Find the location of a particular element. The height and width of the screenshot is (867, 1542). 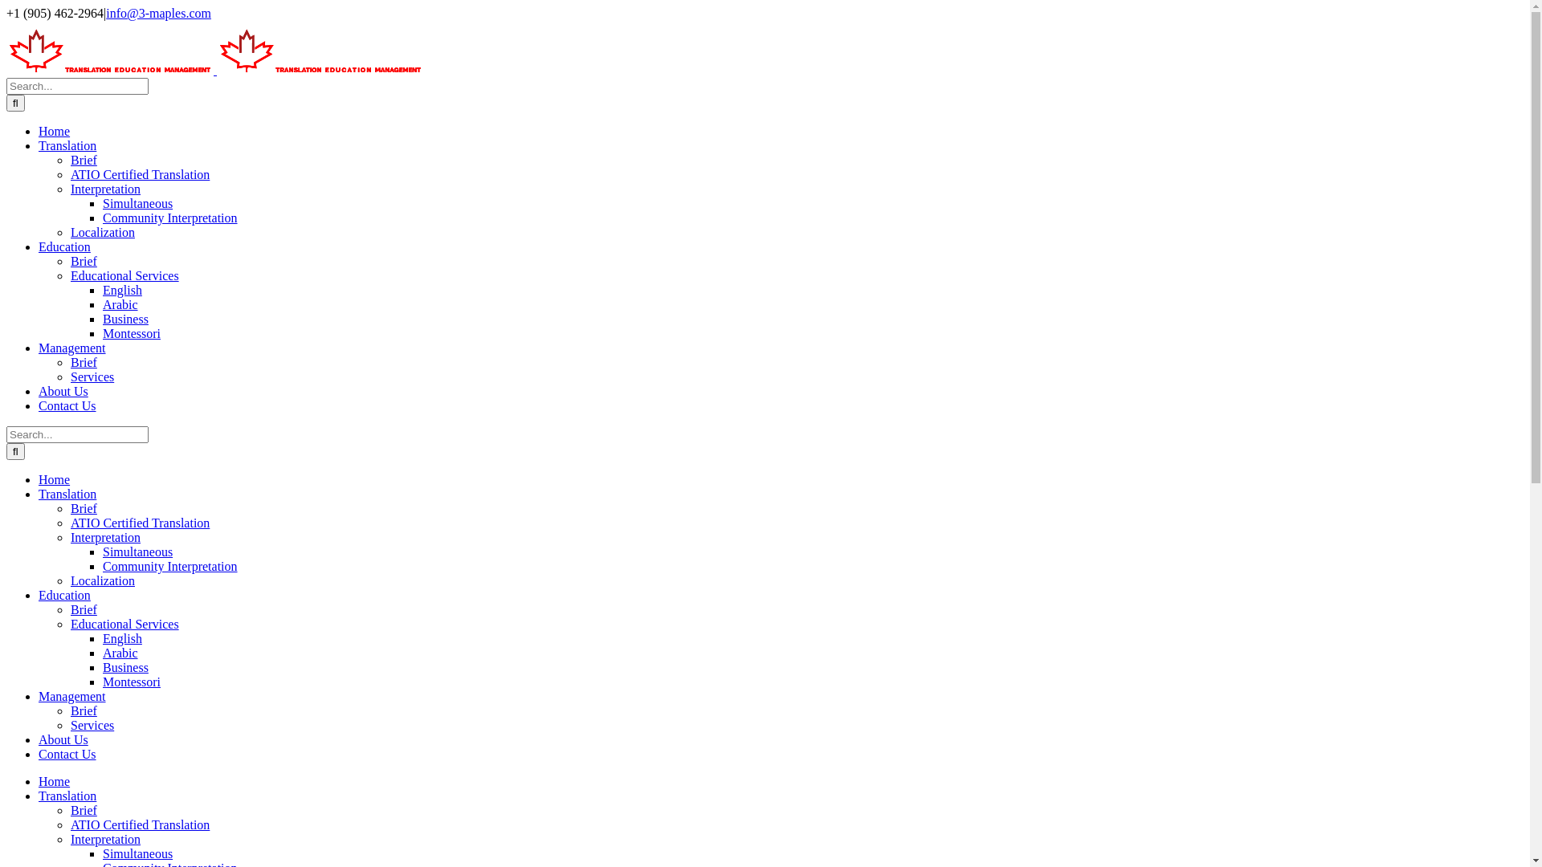

'Montessori' is located at coordinates (131, 332).